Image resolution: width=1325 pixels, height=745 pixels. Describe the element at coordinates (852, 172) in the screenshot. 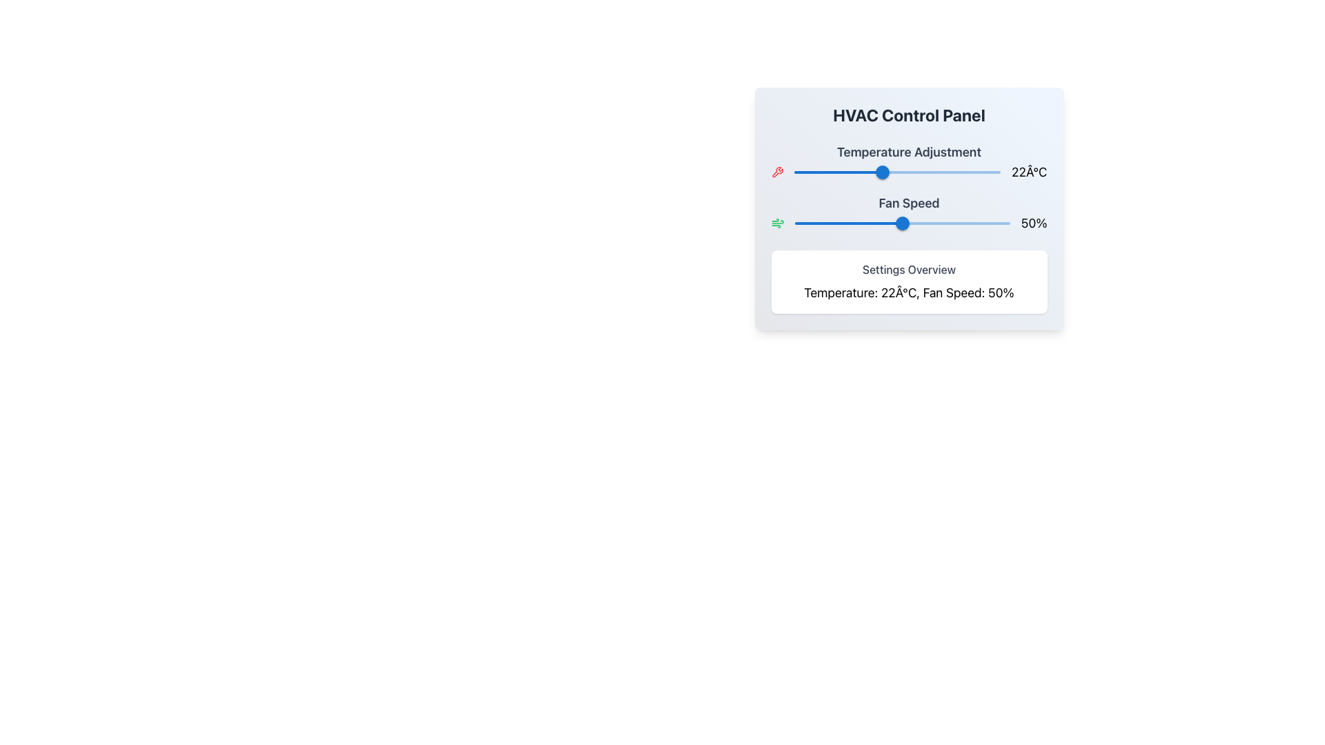

I see `the temperature slider` at that location.